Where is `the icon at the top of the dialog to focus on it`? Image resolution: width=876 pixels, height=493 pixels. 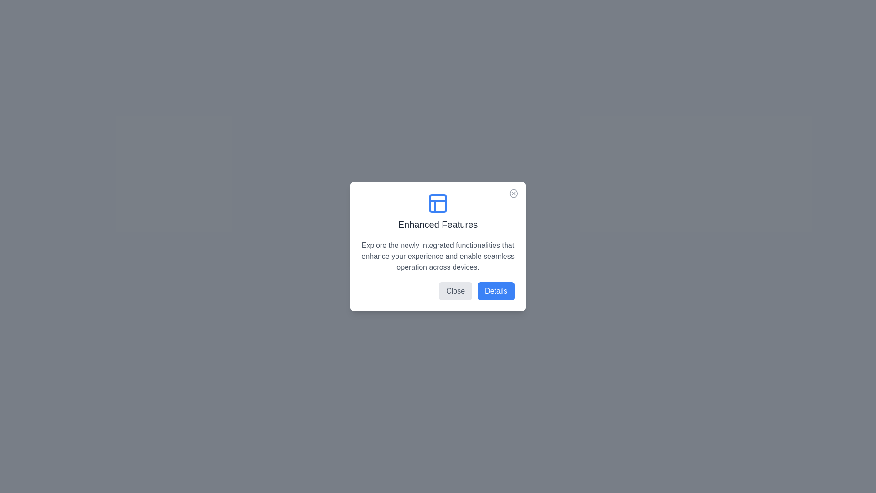 the icon at the top of the dialog to focus on it is located at coordinates (438, 203).